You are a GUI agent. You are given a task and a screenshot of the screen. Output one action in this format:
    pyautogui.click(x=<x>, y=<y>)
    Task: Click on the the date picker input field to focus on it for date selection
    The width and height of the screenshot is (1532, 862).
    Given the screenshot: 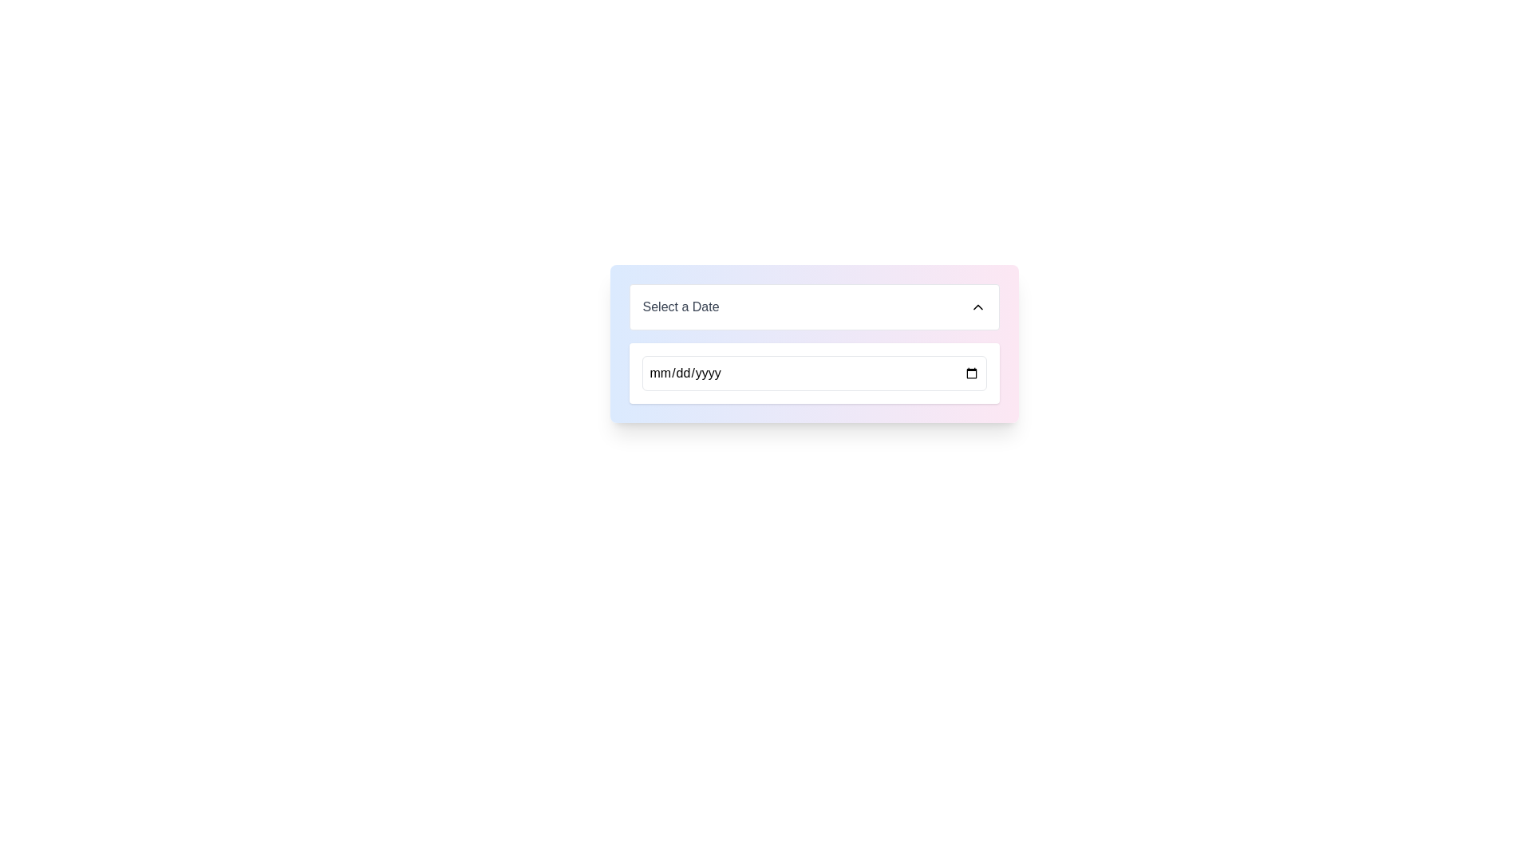 What is the action you would take?
    pyautogui.click(x=814, y=343)
    